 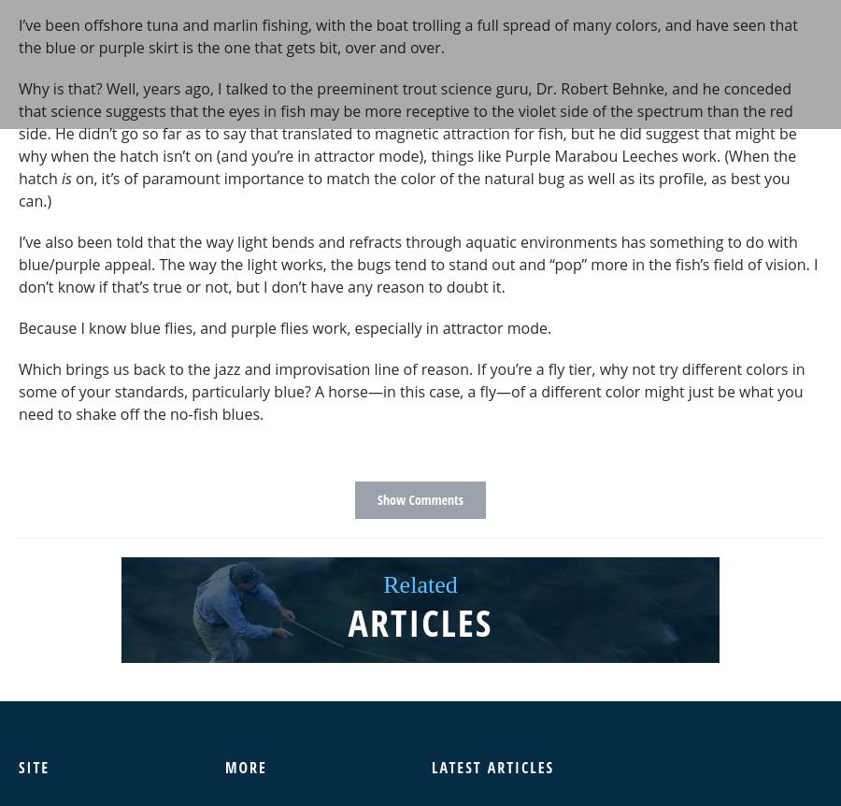 What do you see at coordinates (17, 766) in the screenshot?
I see `'Site'` at bounding box center [17, 766].